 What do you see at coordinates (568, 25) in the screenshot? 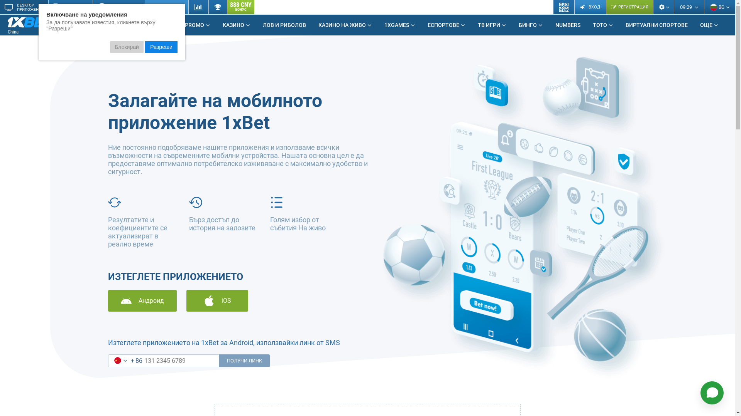
I see `'NUMBERS'` at bounding box center [568, 25].